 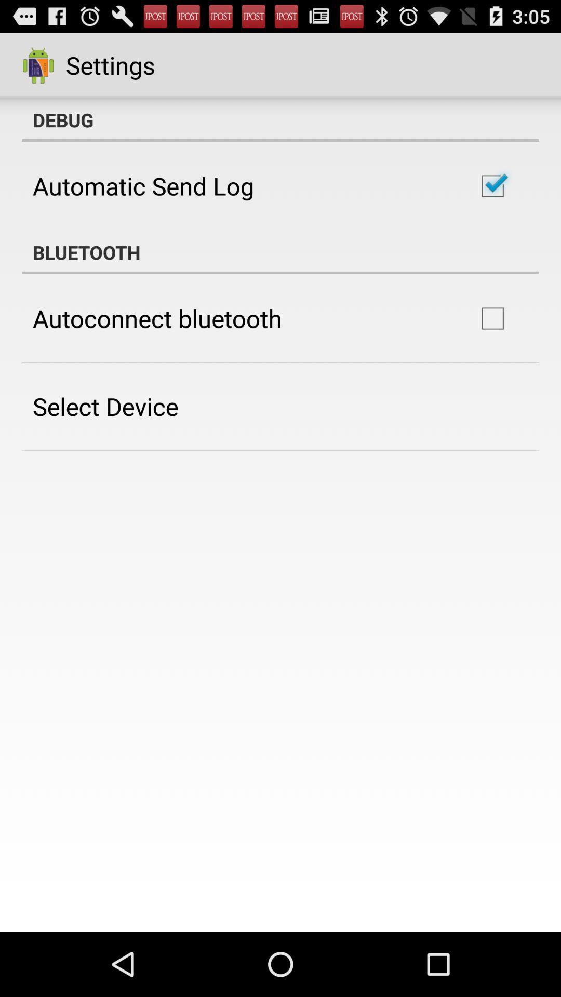 I want to click on app on the left, so click(x=105, y=406).